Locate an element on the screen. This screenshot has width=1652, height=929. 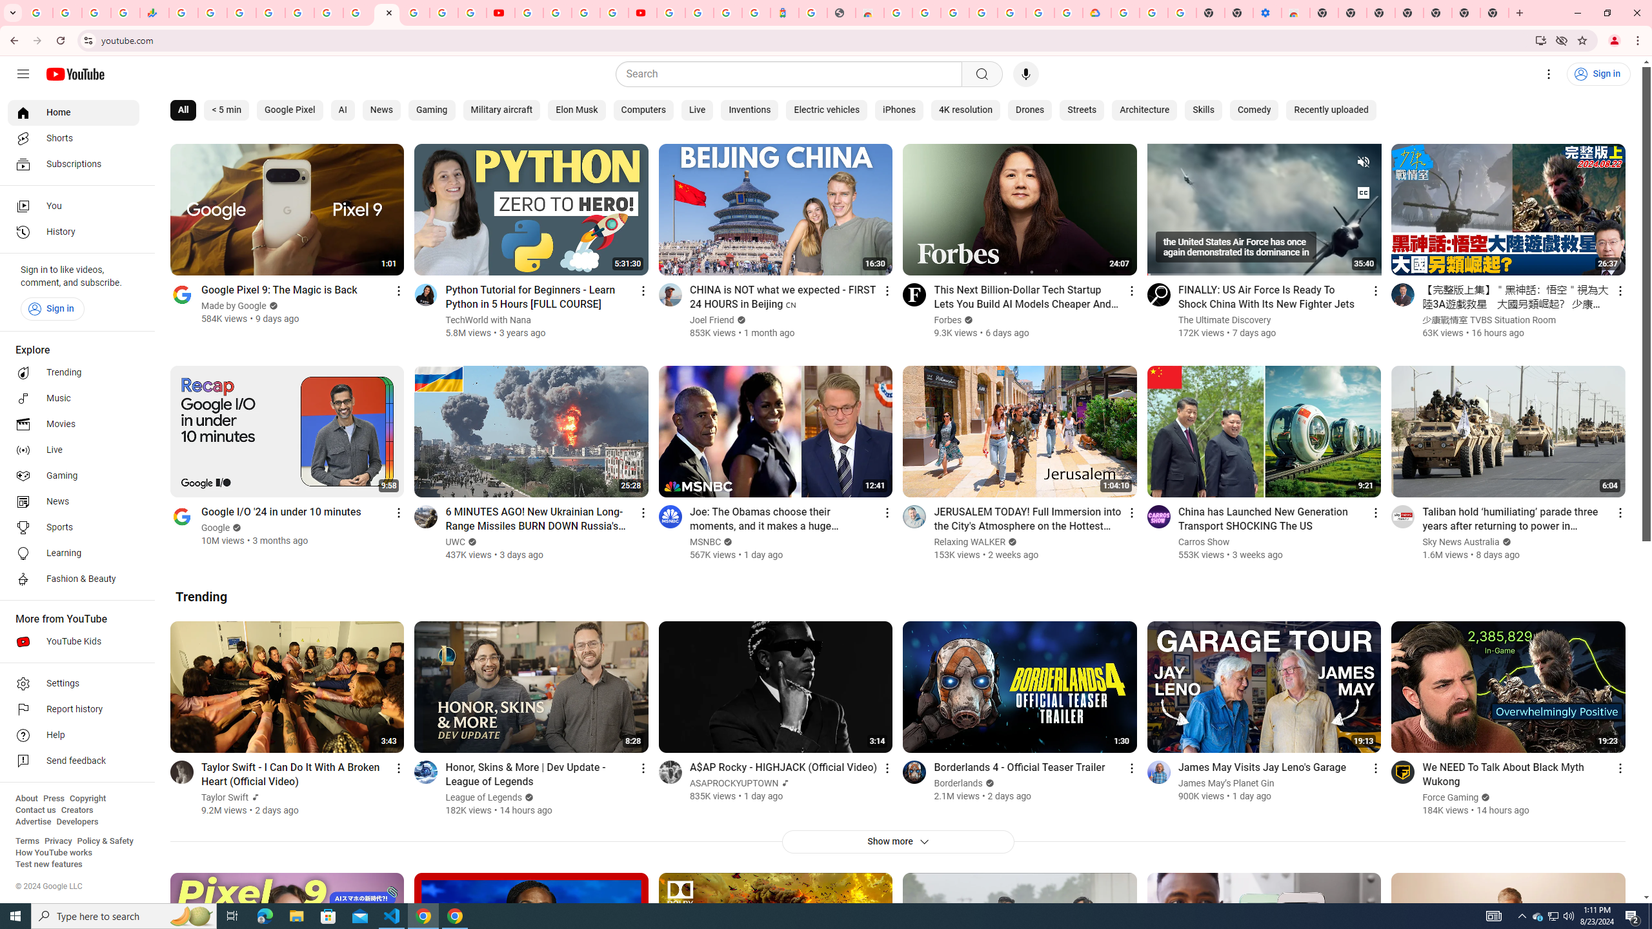
'Press' is located at coordinates (53, 798).